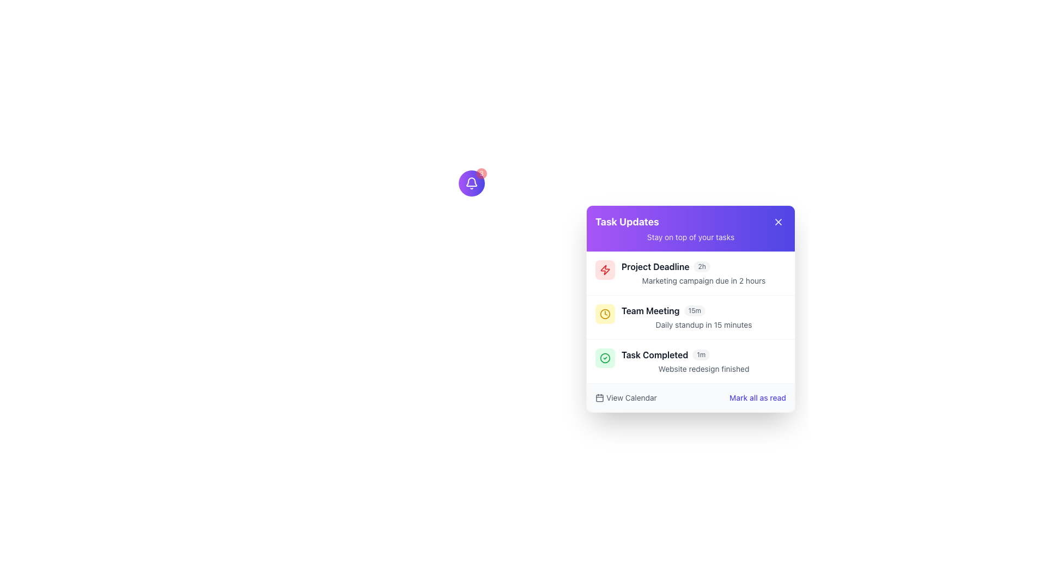 Image resolution: width=1046 pixels, height=588 pixels. I want to click on the informational list item displaying a yellow-highlighted clock icon, bold text 'Team Meeting', and a gray label '15m', located within the 'Task Updates' widget, so click(690, 317).